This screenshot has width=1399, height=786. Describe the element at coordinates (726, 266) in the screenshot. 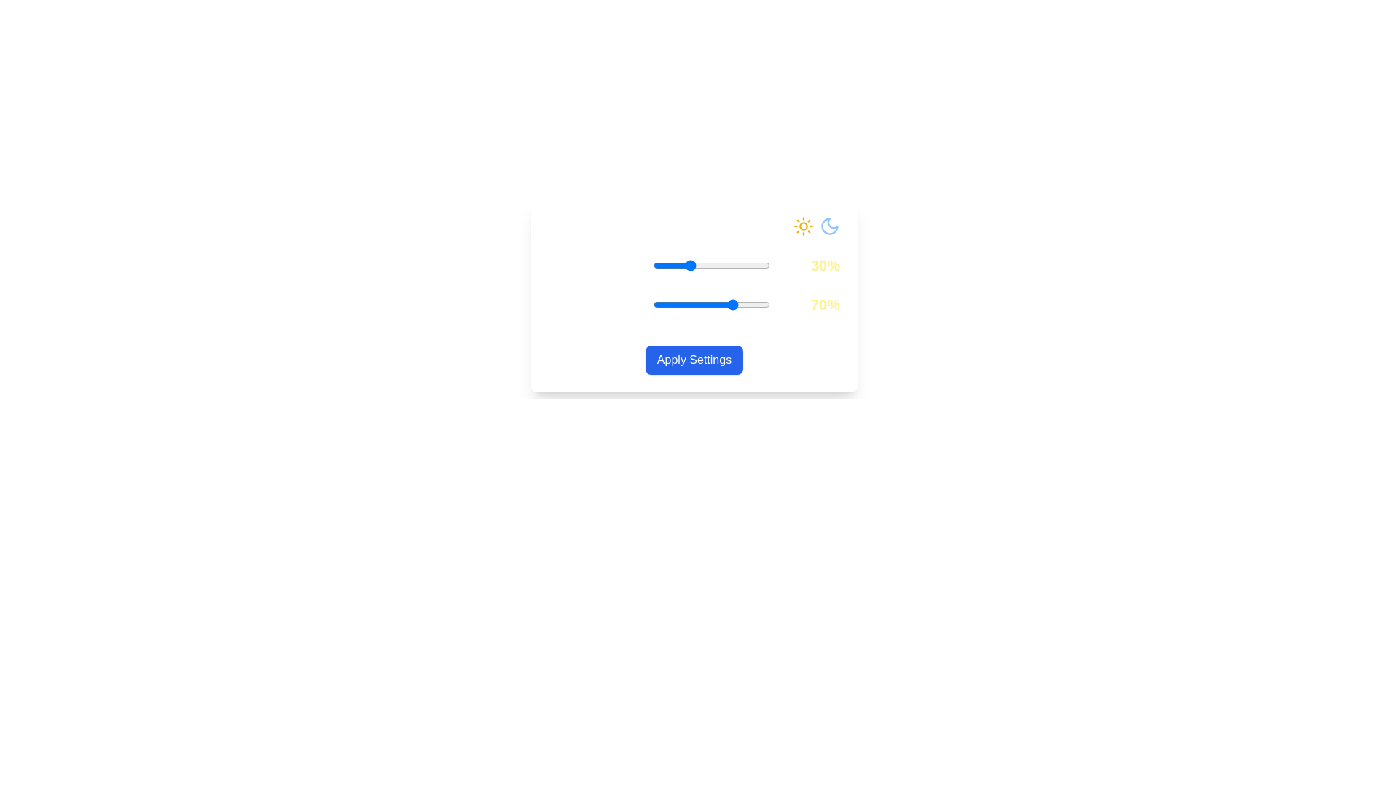

I see `the Daylight Intensity slider to 63%` at that location.